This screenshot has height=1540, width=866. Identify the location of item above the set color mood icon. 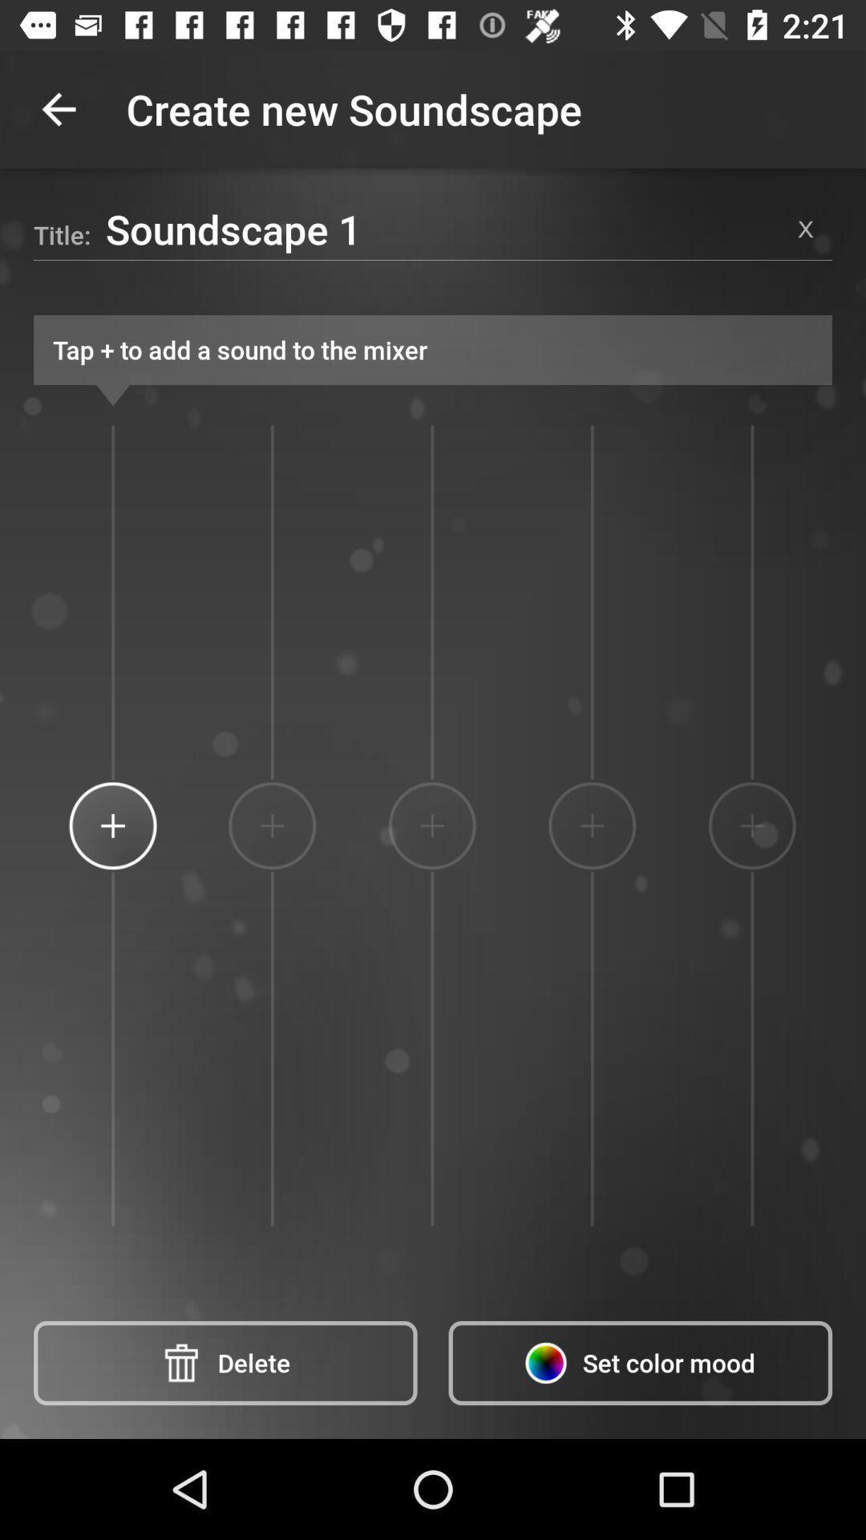
(752, 825).